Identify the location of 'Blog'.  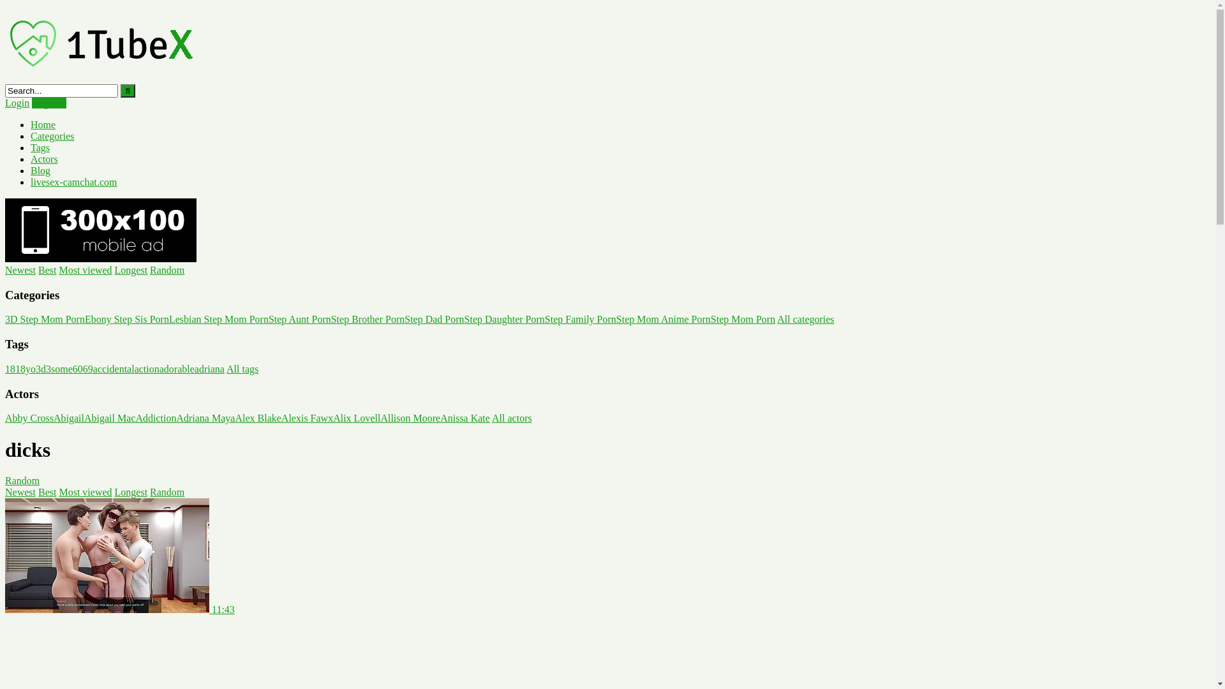
(40, 170).